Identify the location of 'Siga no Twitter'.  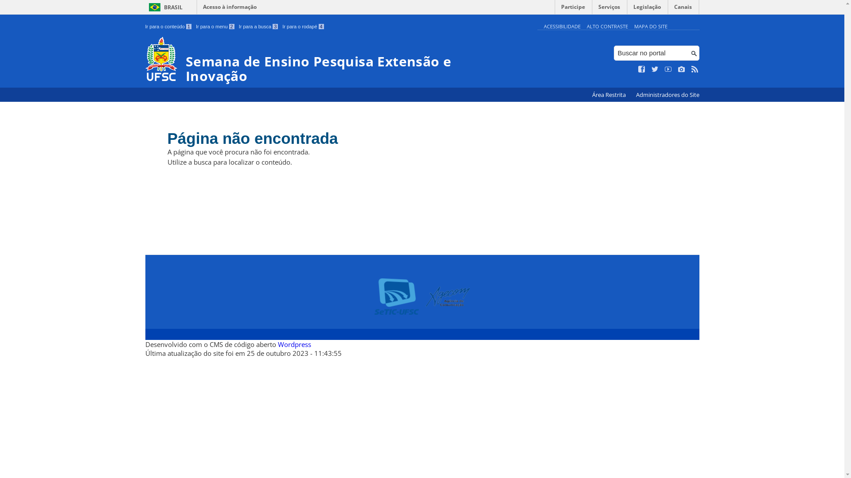
(655, 69).